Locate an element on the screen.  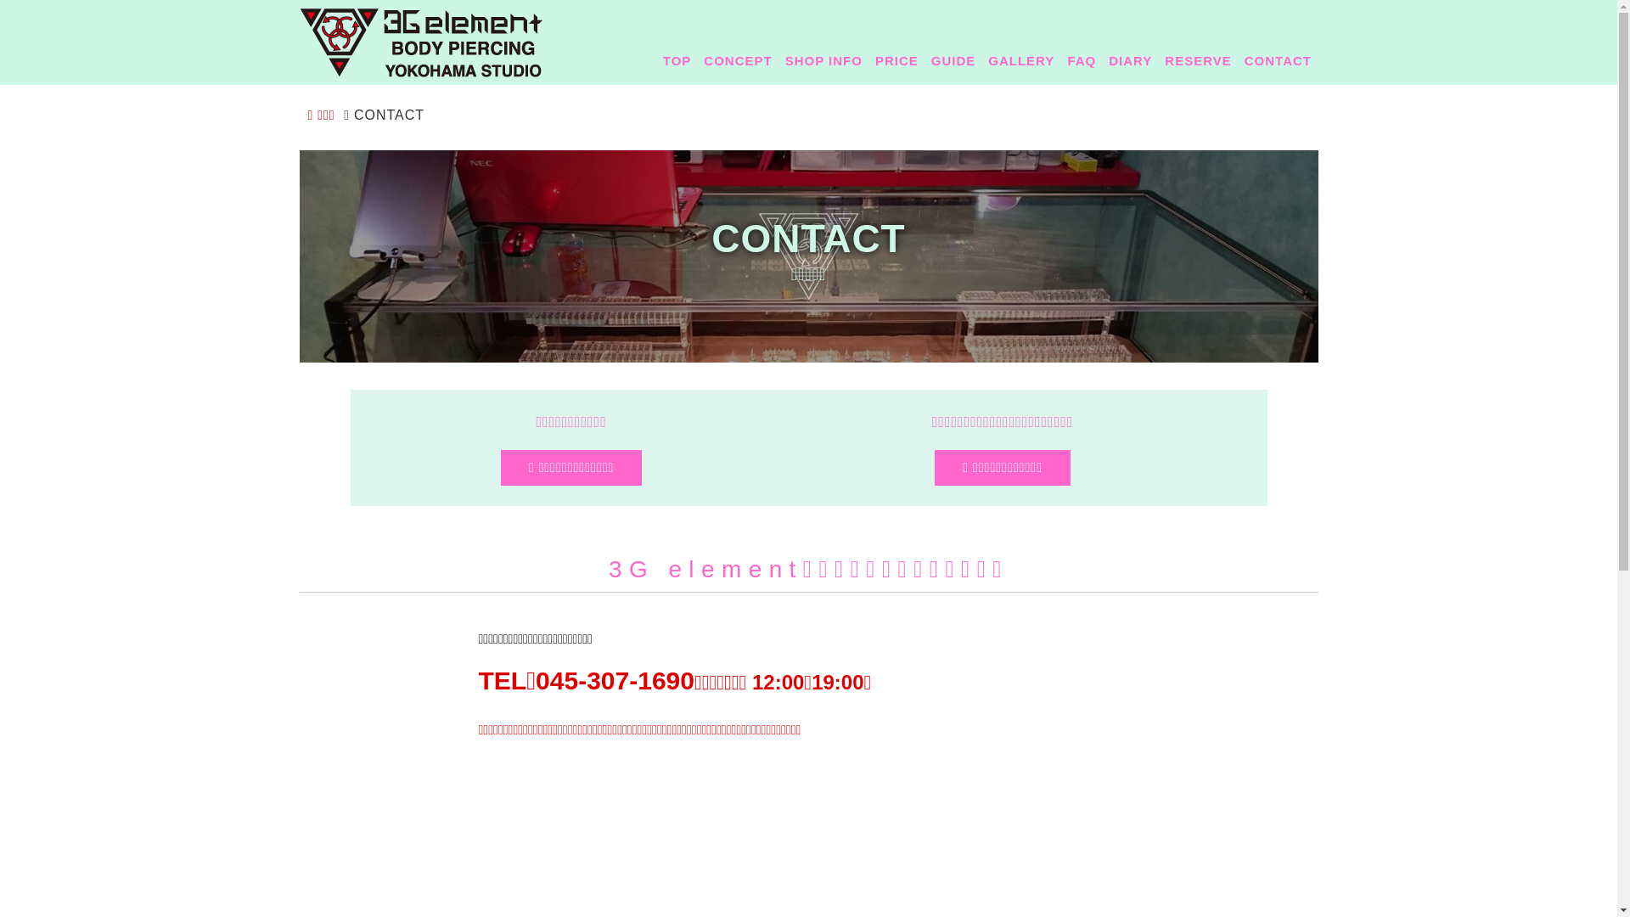
'GALLERY' is located at coordinates (1020, 59).